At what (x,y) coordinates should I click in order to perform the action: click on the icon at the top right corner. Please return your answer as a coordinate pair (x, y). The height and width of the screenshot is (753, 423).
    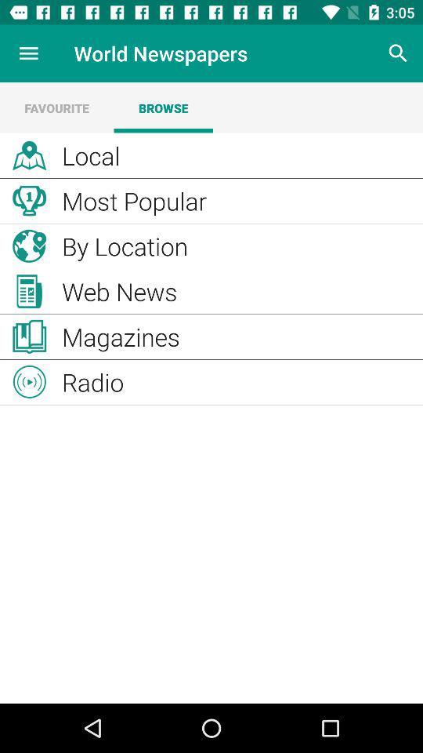
    Looking at the image, I should click on (398, 53).